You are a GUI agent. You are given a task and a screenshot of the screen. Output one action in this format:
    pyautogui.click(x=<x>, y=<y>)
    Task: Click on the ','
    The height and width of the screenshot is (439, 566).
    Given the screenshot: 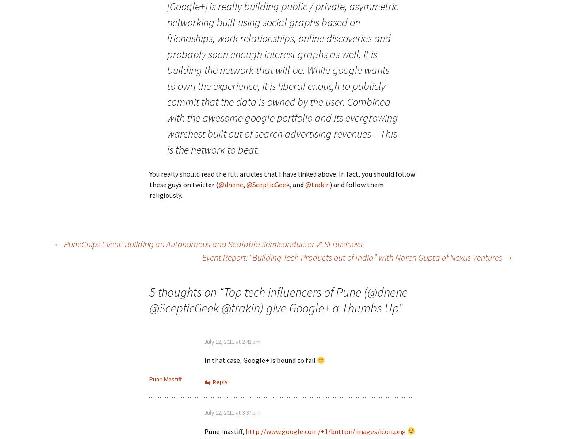 What is the action you would take?
    pyautogui.click(x=245, y=184)
    